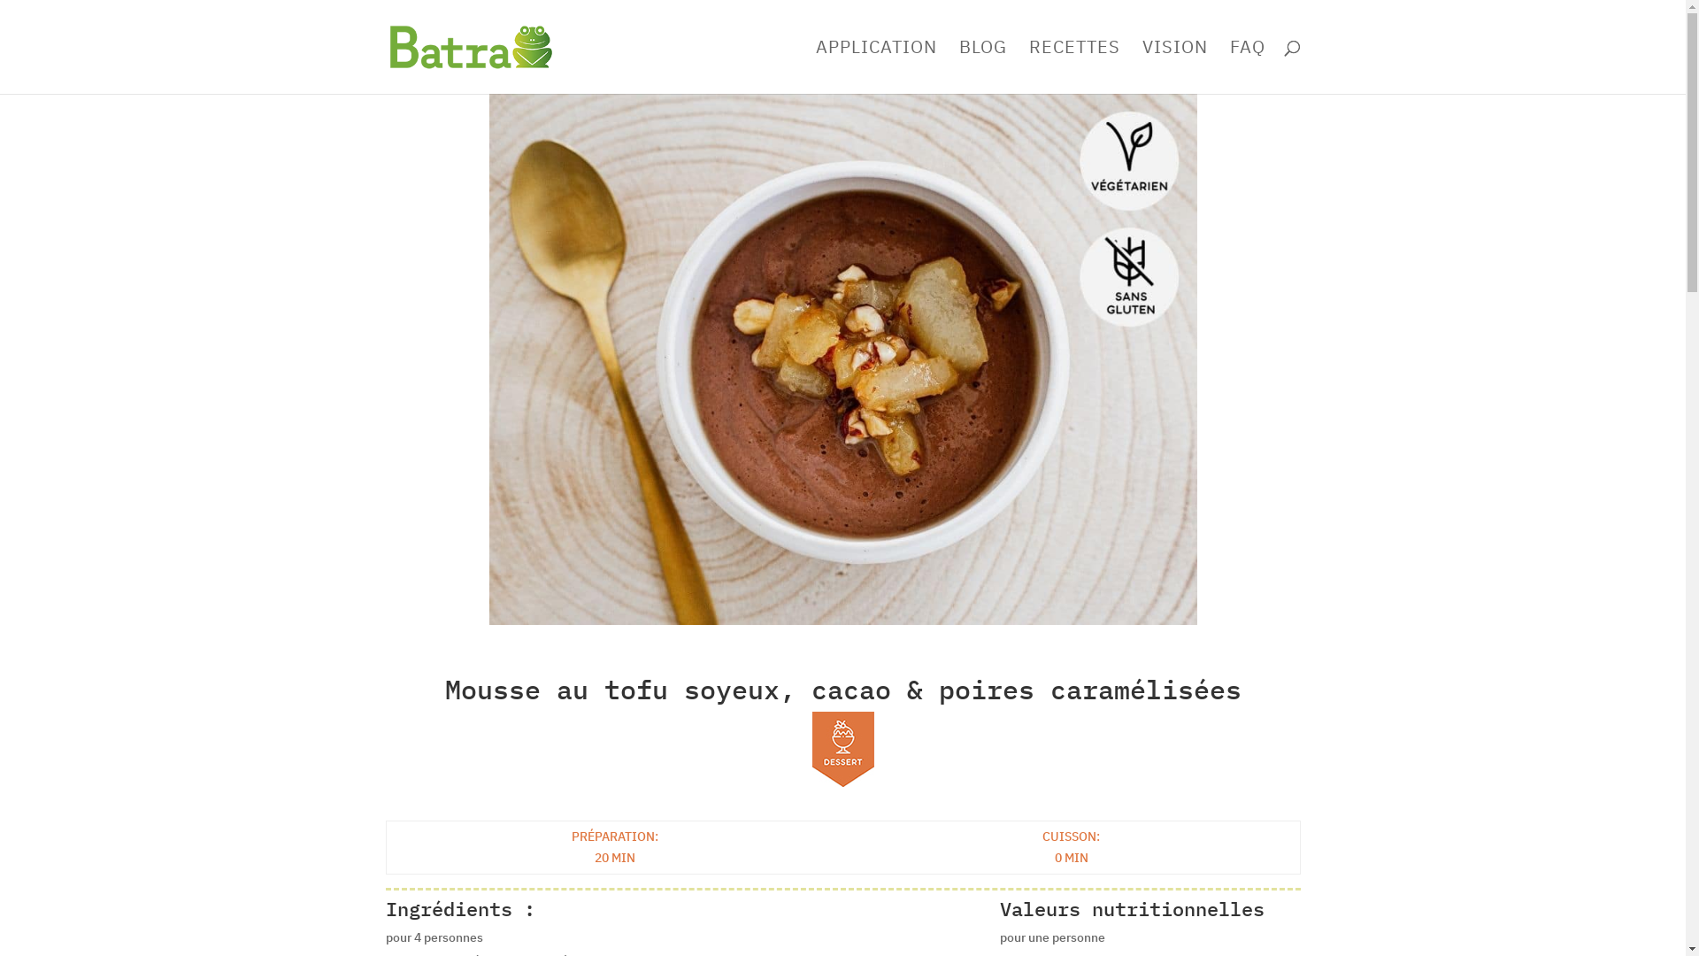 This screenshot has height=956, width=1699. What do you see at coordinates (1072, 66) in the screenshot?
I see `'RECETTES'` at bounding box center [1072, 66].